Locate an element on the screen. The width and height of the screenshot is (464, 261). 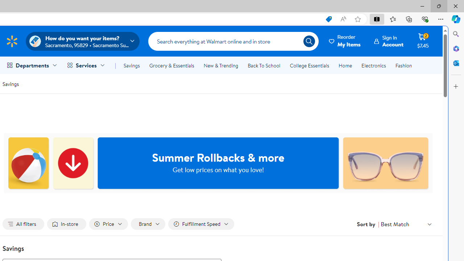
'Filter by Brand not applied, activate to change' is located at coordinates (148, 224).